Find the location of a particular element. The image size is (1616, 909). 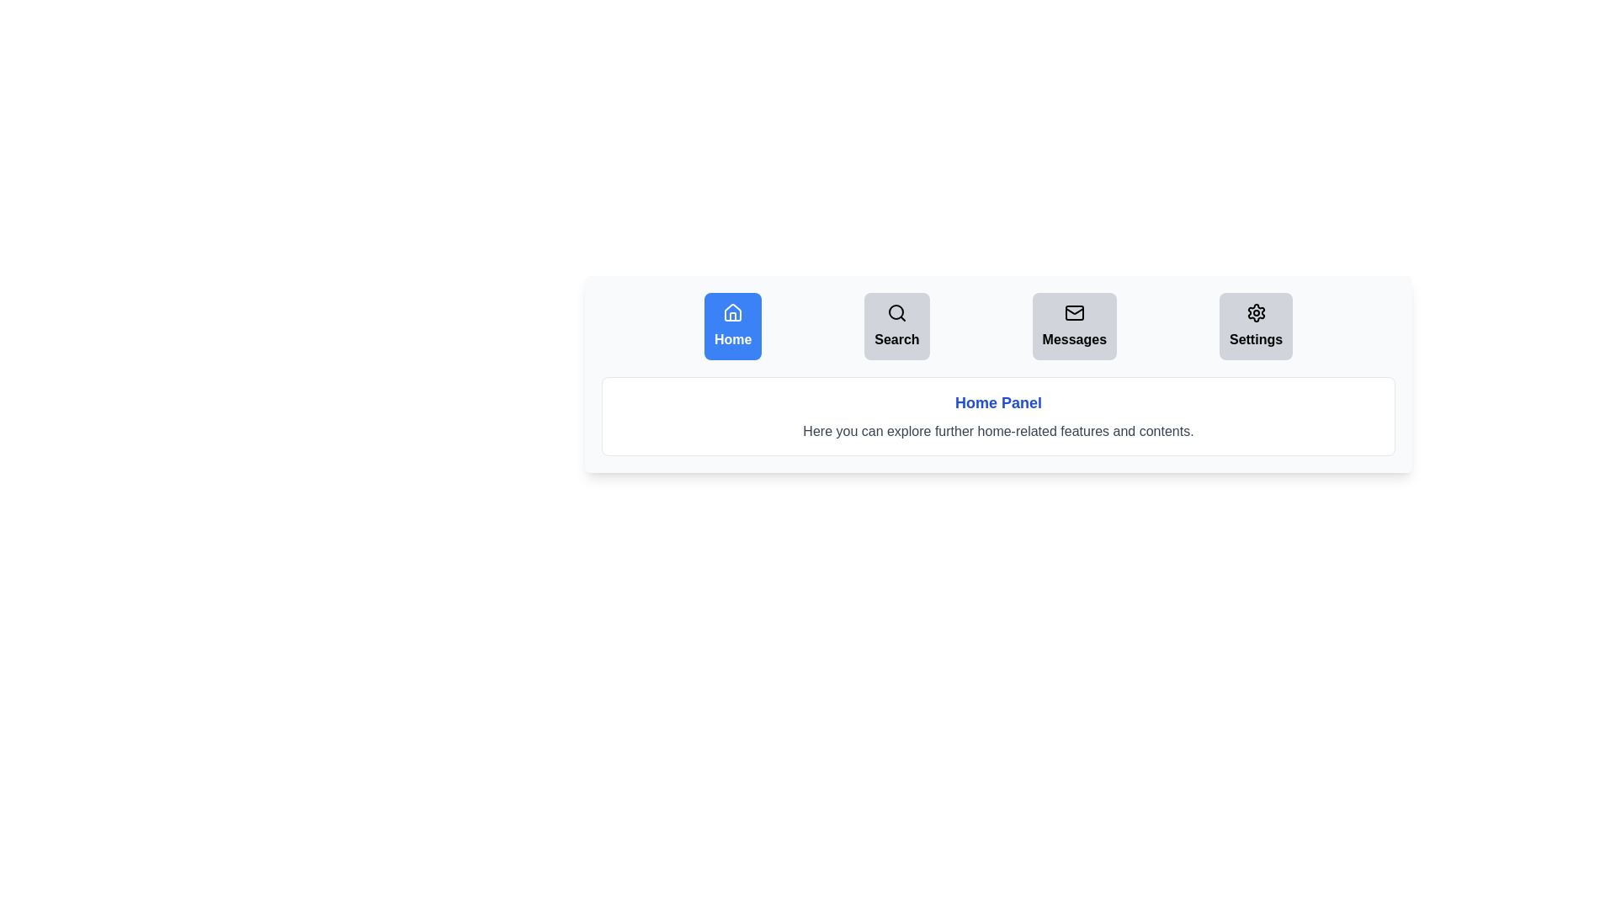

the house-shaped SVG icon located at the center of the blue 'Home' button in the navigation bar to activate the tooltip or focus state is located at coordinates (733, 312).